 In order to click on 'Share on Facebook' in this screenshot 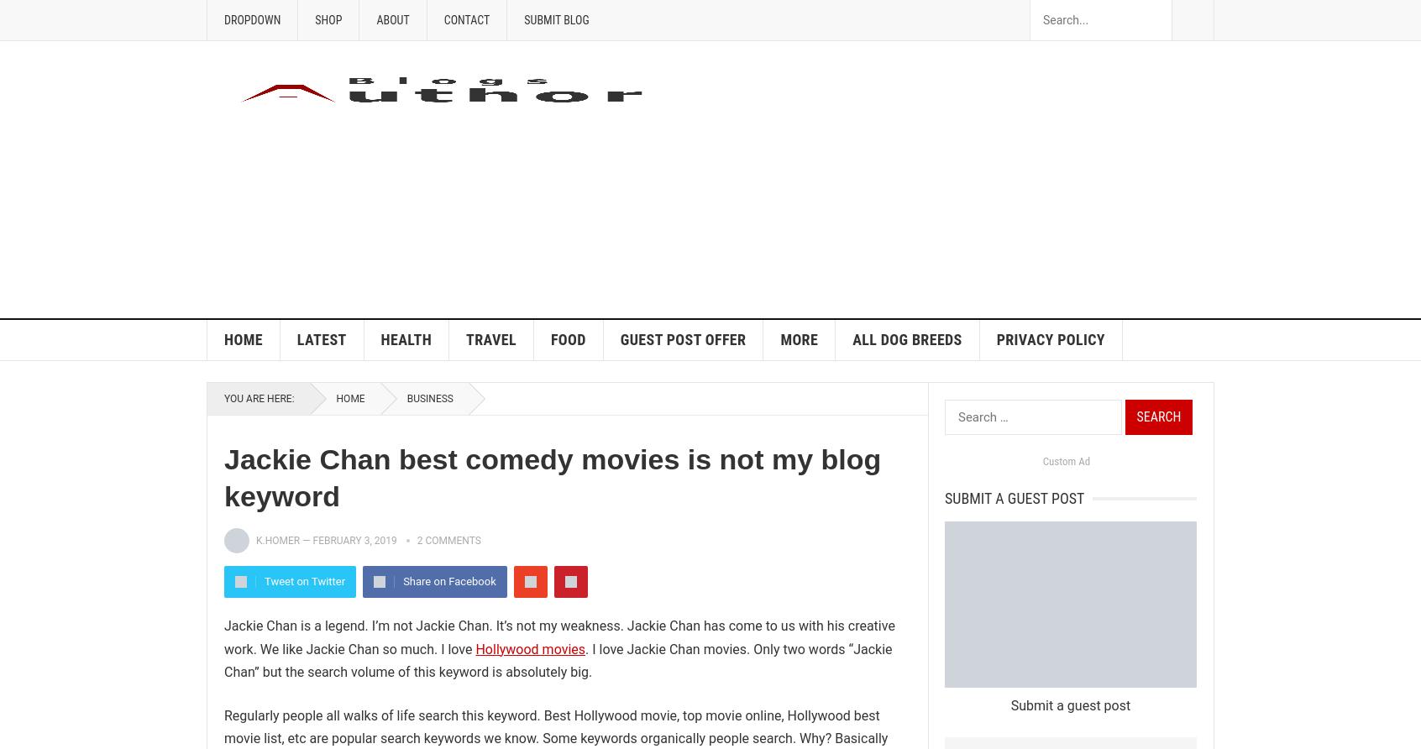, I will do `click(449, 581)`.